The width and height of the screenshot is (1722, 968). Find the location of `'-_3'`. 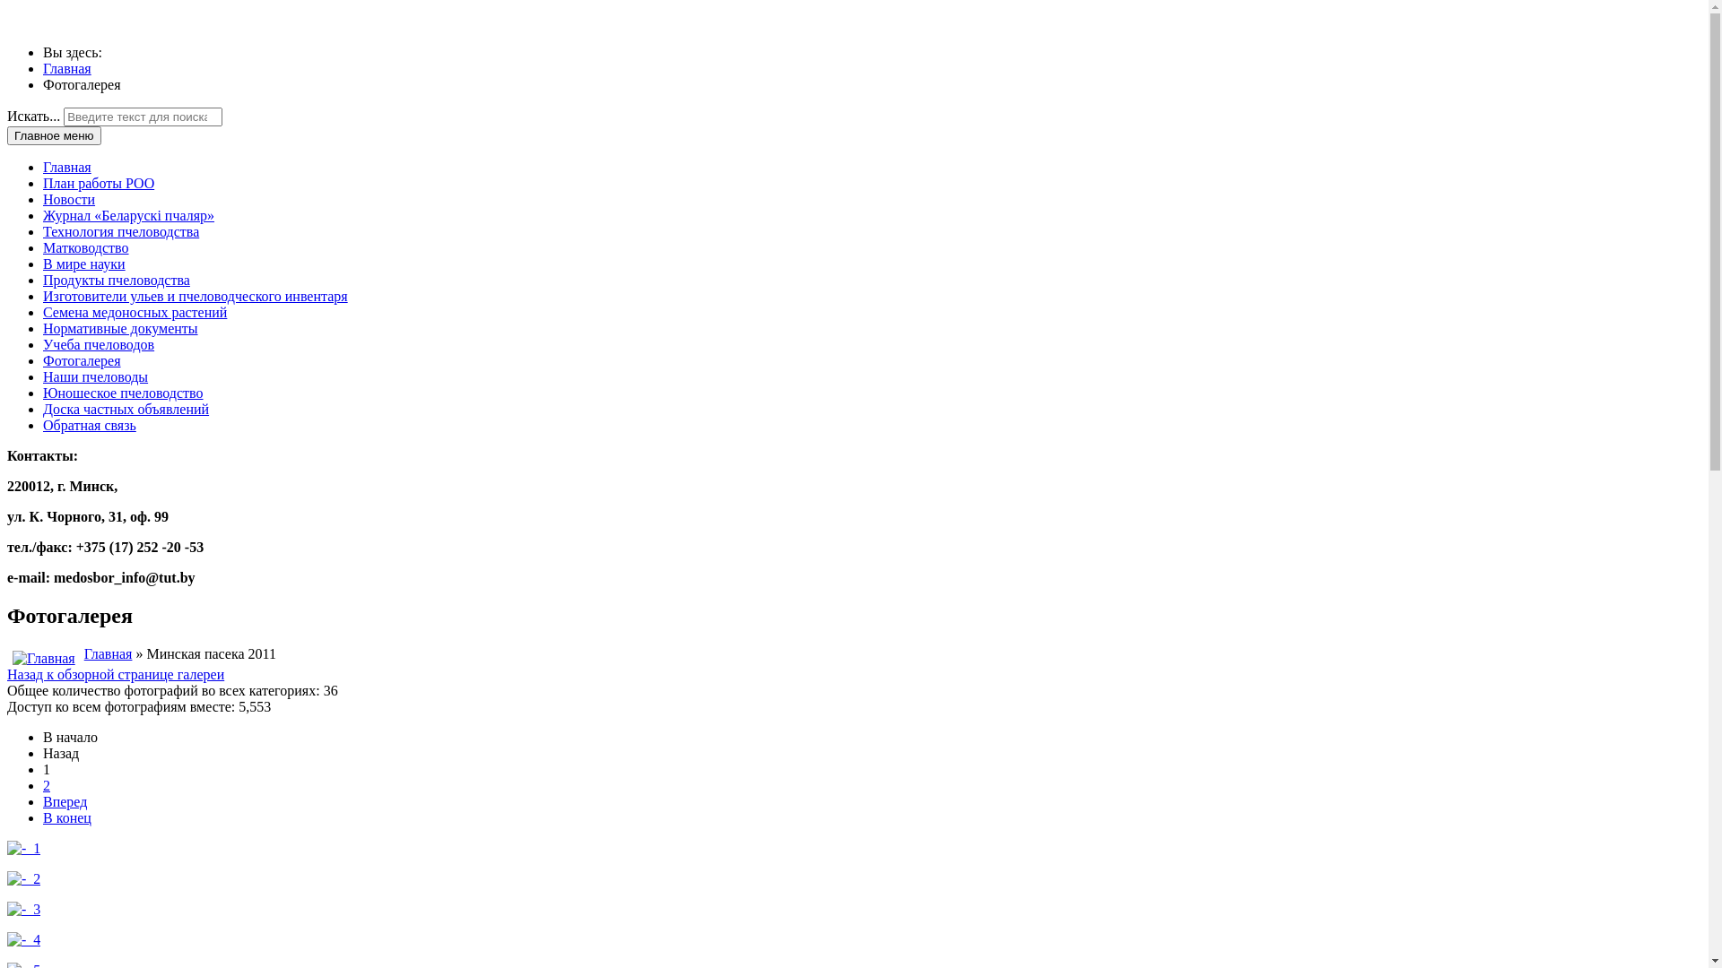

'-_3' is located at coordinates (23, 909).